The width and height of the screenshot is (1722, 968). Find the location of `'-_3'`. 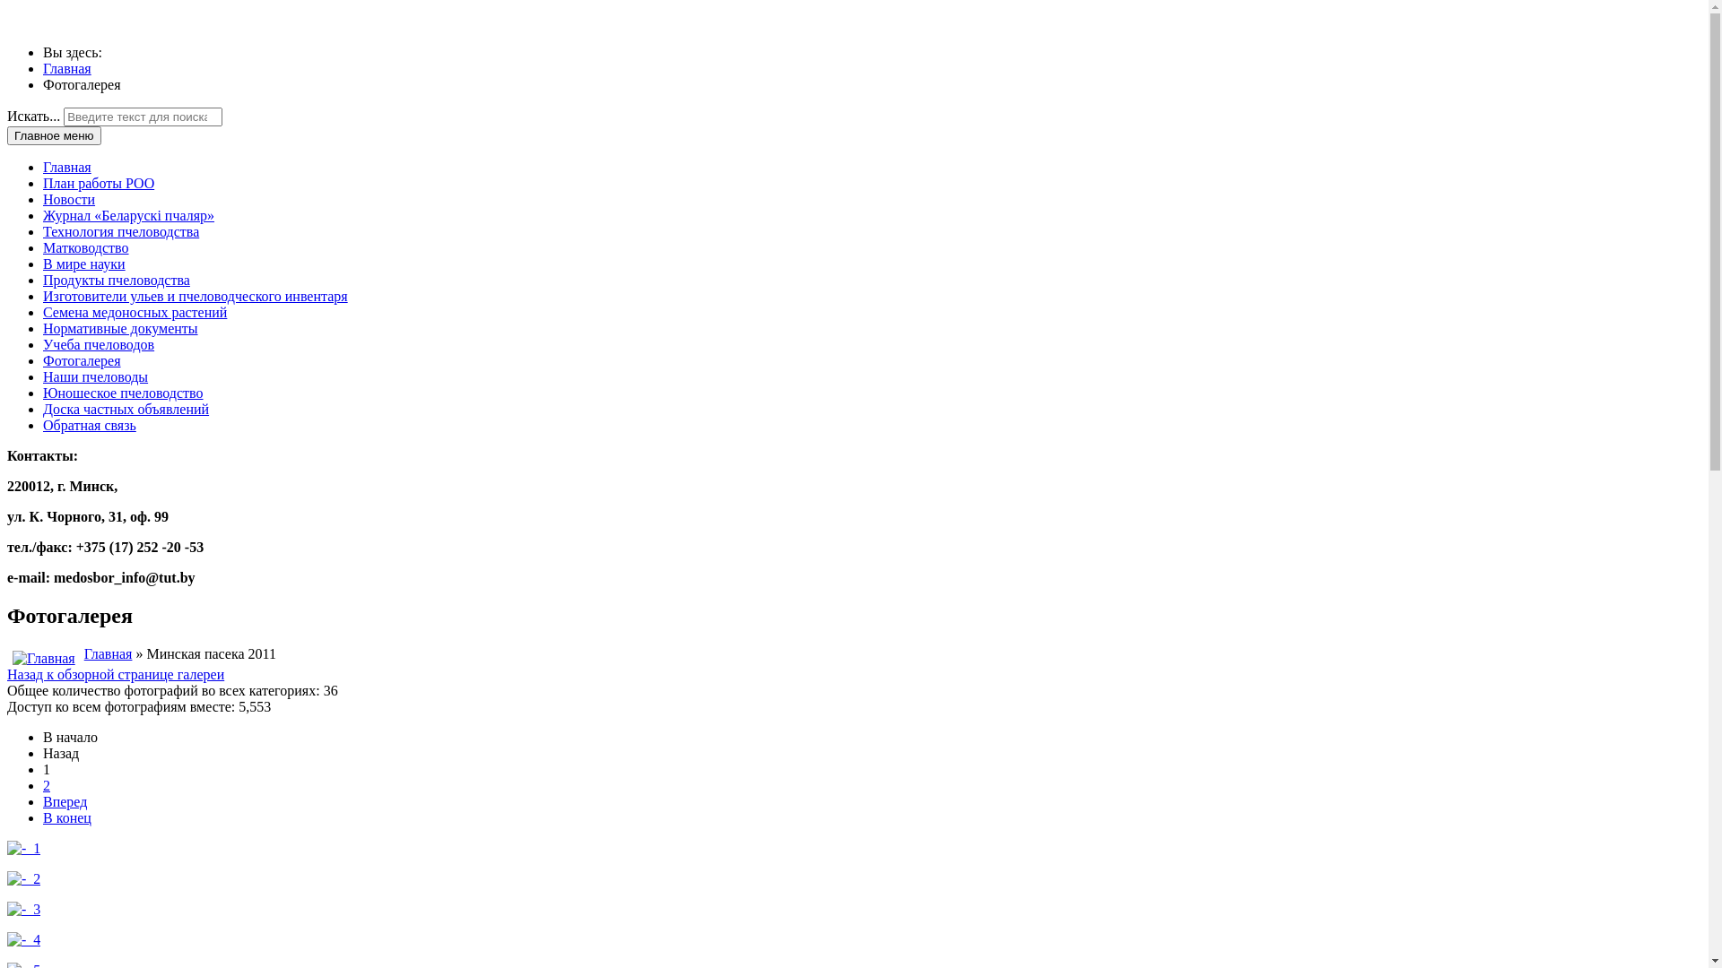

'-_3' is located at coordinates (23, 909).